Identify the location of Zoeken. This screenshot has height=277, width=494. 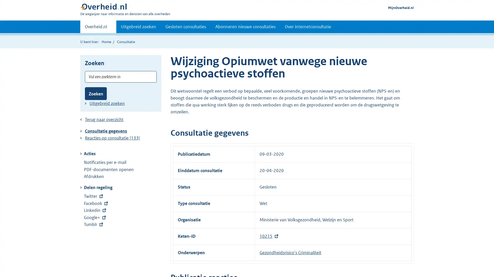
(96, 93).